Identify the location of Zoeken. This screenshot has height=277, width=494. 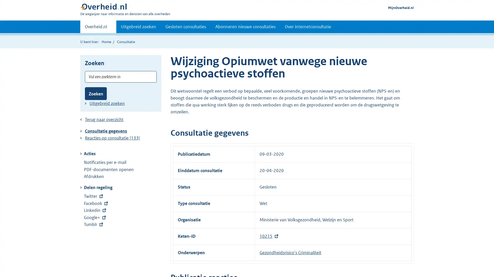
(96, 93).